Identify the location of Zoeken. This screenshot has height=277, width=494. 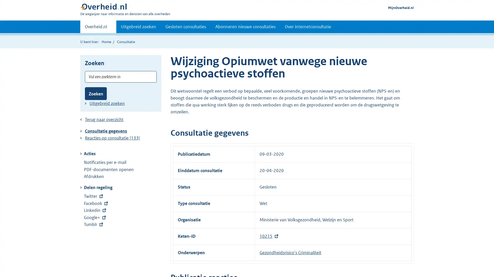
(96, 93).